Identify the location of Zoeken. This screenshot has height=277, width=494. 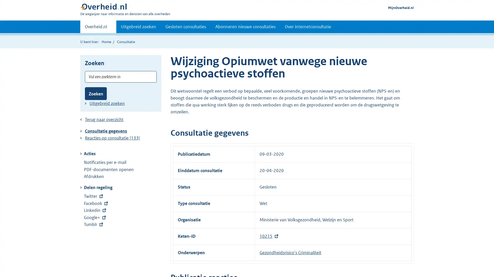
(96, 93).